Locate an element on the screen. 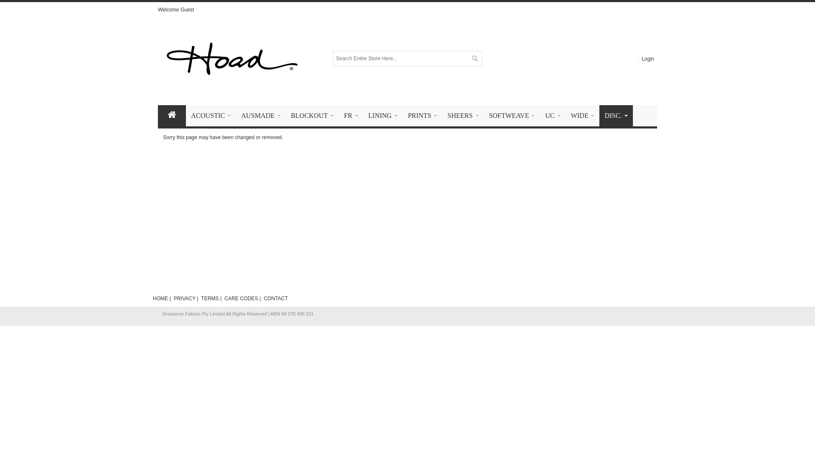  'CARE CODES' is located at coordinates (241, 298).